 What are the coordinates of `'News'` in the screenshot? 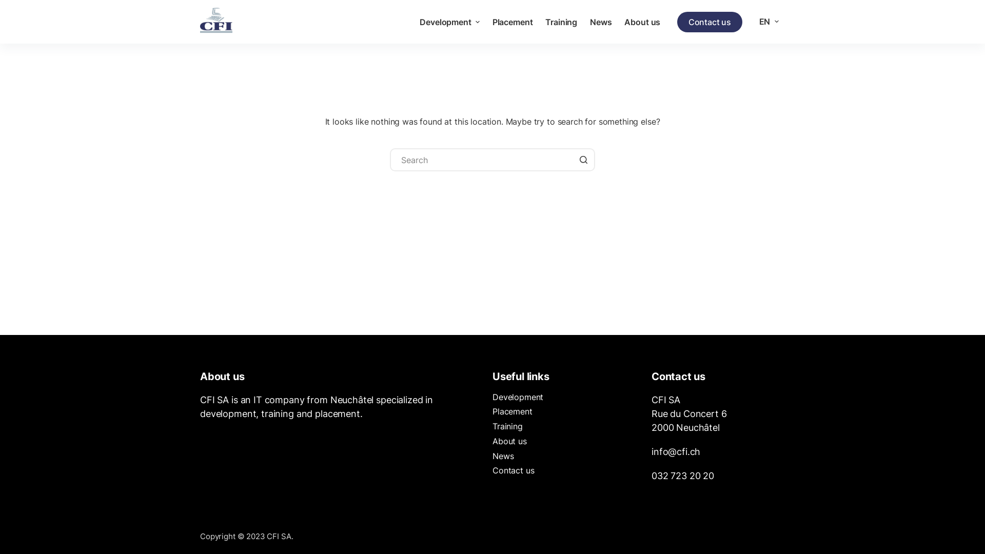 It's located at (503, 455).